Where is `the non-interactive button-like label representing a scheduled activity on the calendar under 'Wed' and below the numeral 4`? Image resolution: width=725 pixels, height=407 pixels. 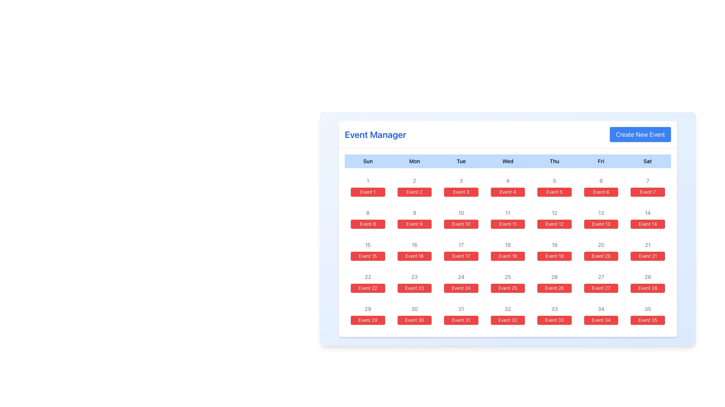
the non-interactive button-like label representing a scheduled activity on the calendar under 'Wed' and below the numeral 4 is located at coordinates (507, 191).